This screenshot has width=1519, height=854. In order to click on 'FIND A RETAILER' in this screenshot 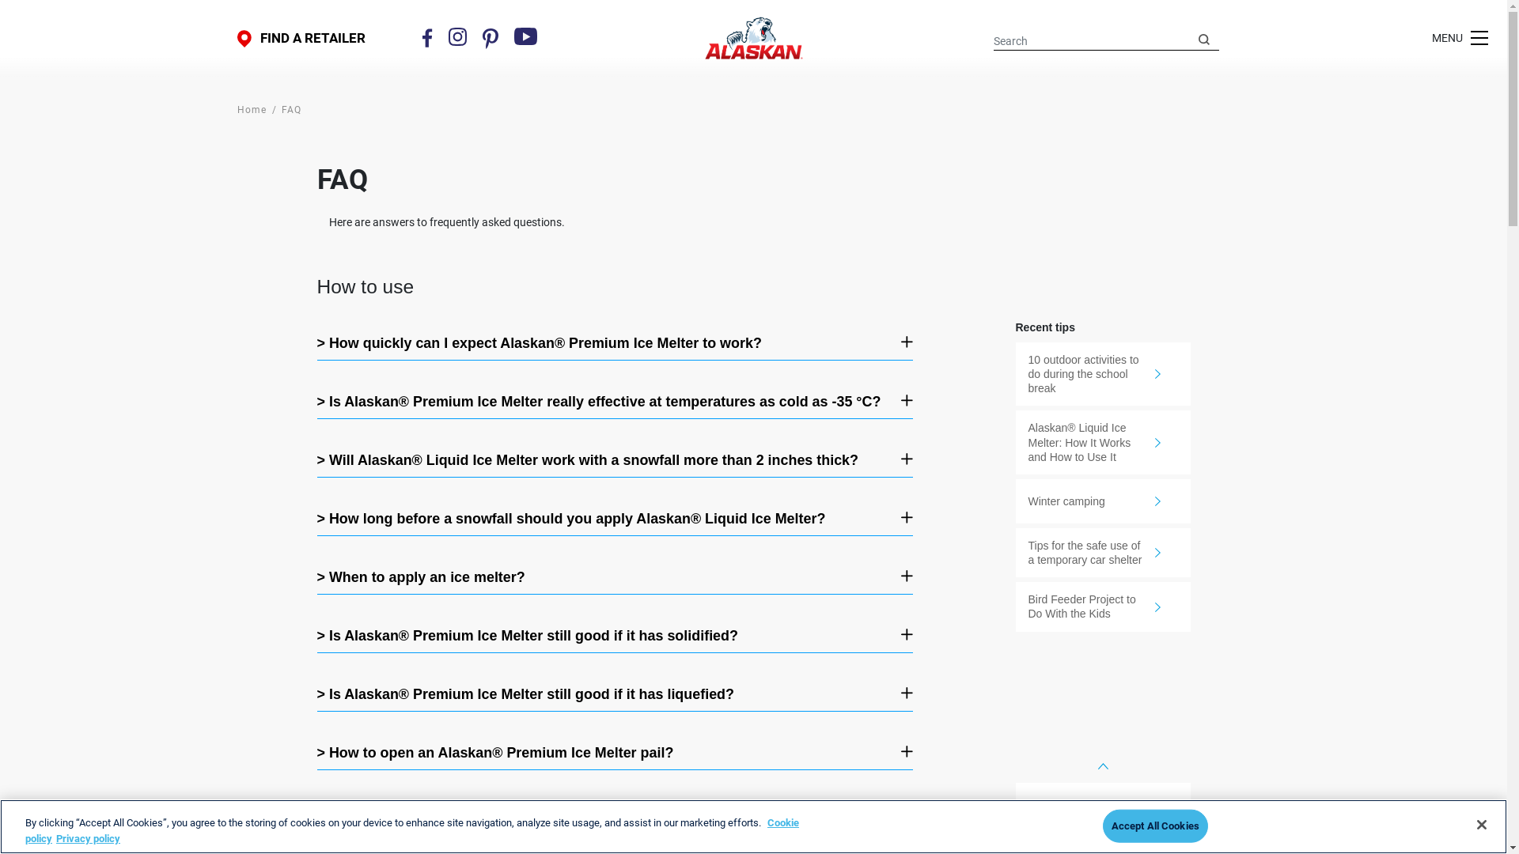, I will do `click(301, 37)`.